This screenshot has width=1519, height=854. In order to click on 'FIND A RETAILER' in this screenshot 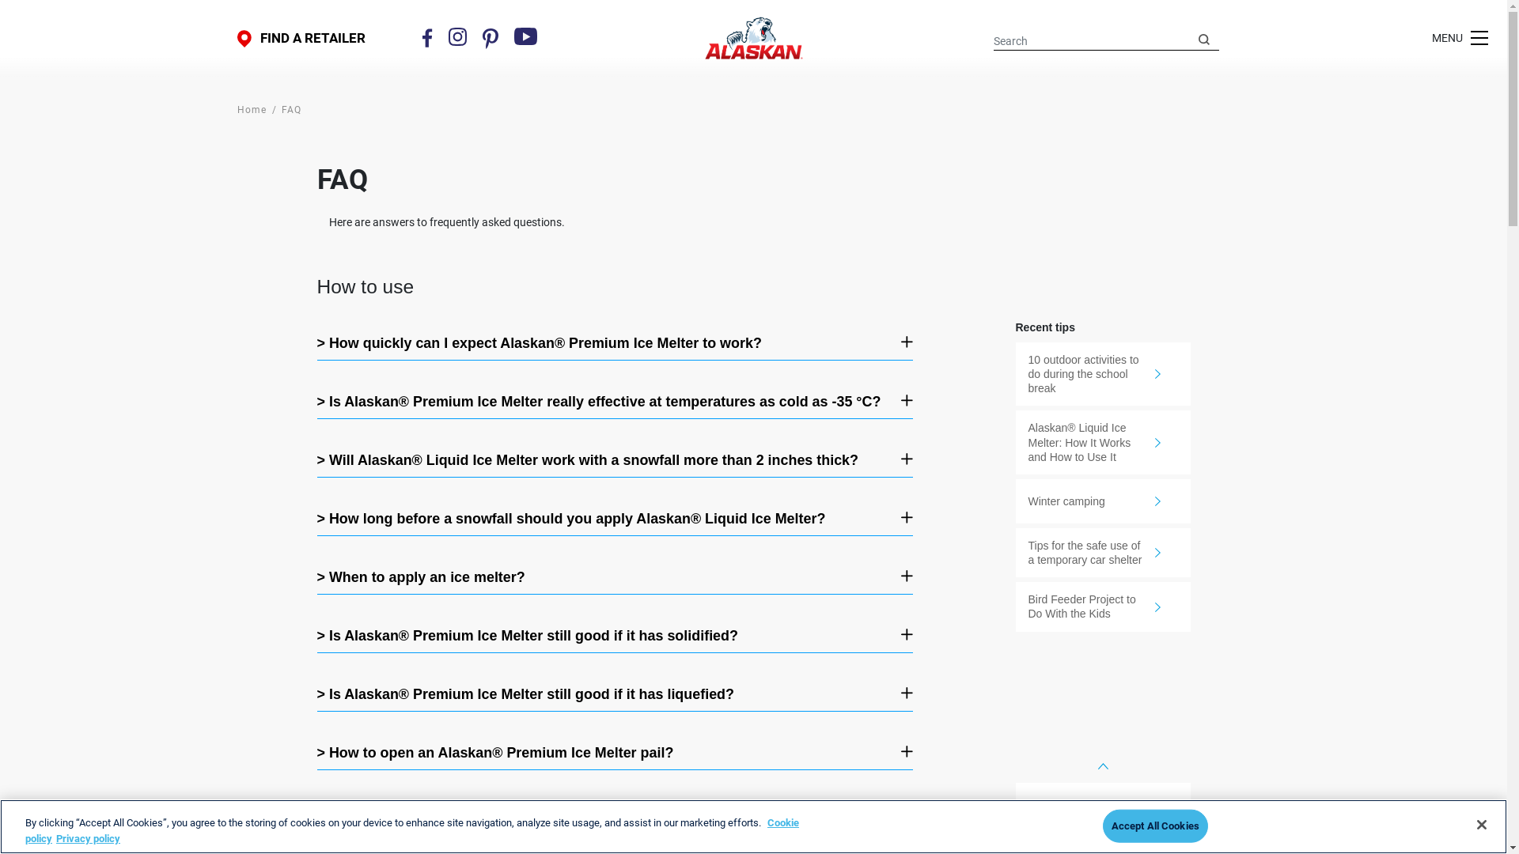, I will do `click(301, 37)`.